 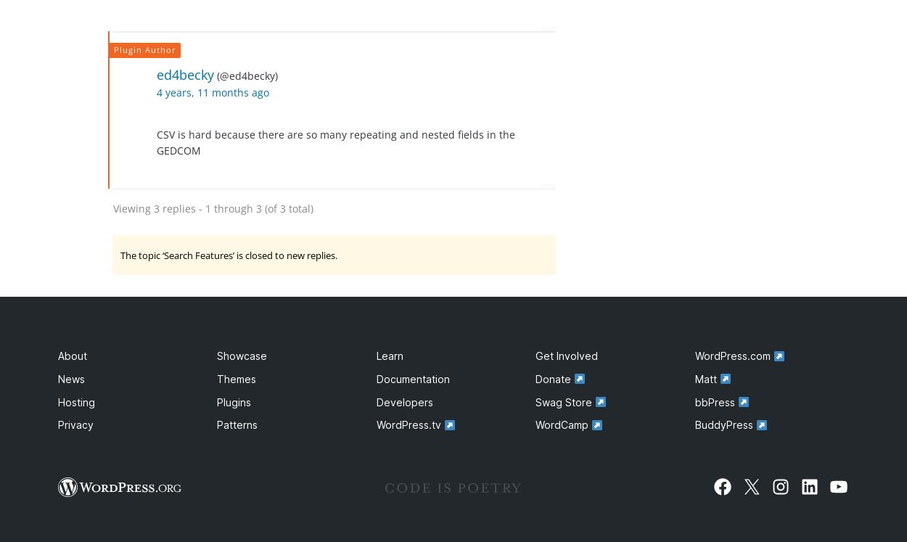 I want to click on 'Get Involved', so click(x=567, y=355).